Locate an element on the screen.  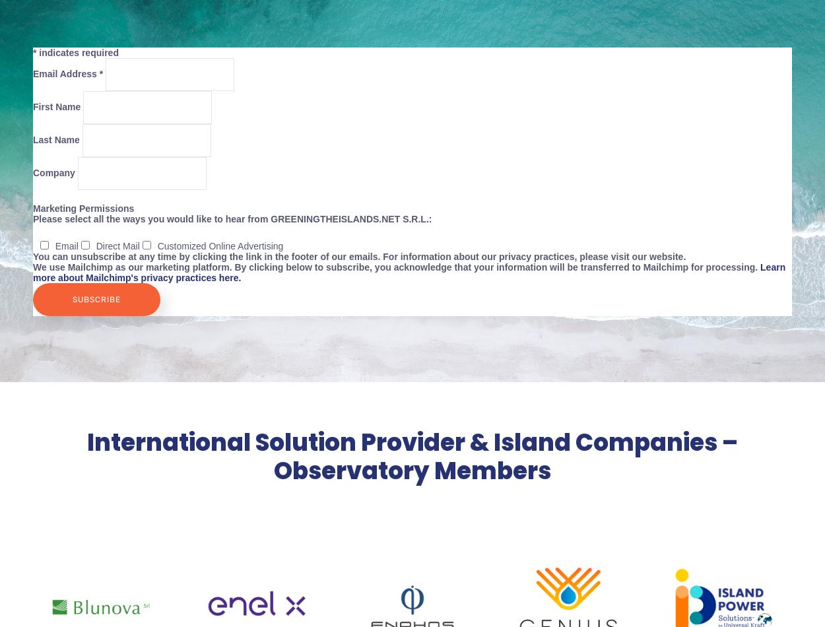
'Blunova' is located at coordinates (101, 609).